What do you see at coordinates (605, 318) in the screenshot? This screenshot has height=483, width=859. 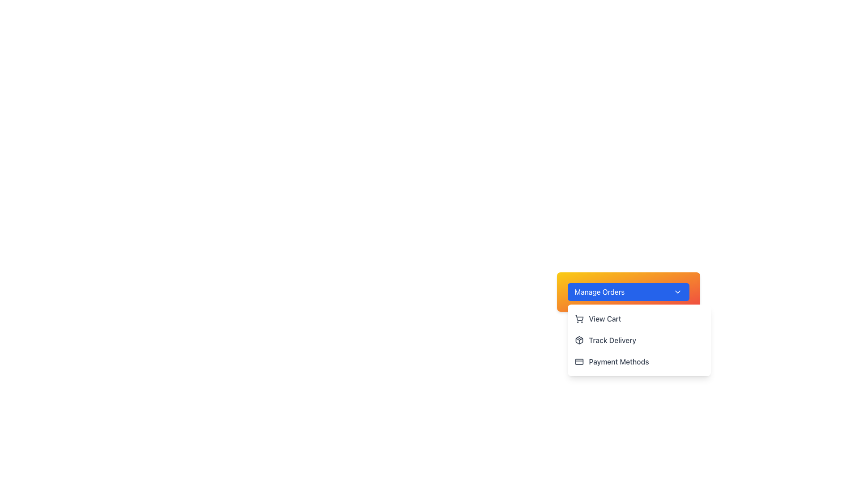 I see `the Text Label that serves as a clickable link` at bounding box center [605, 318].